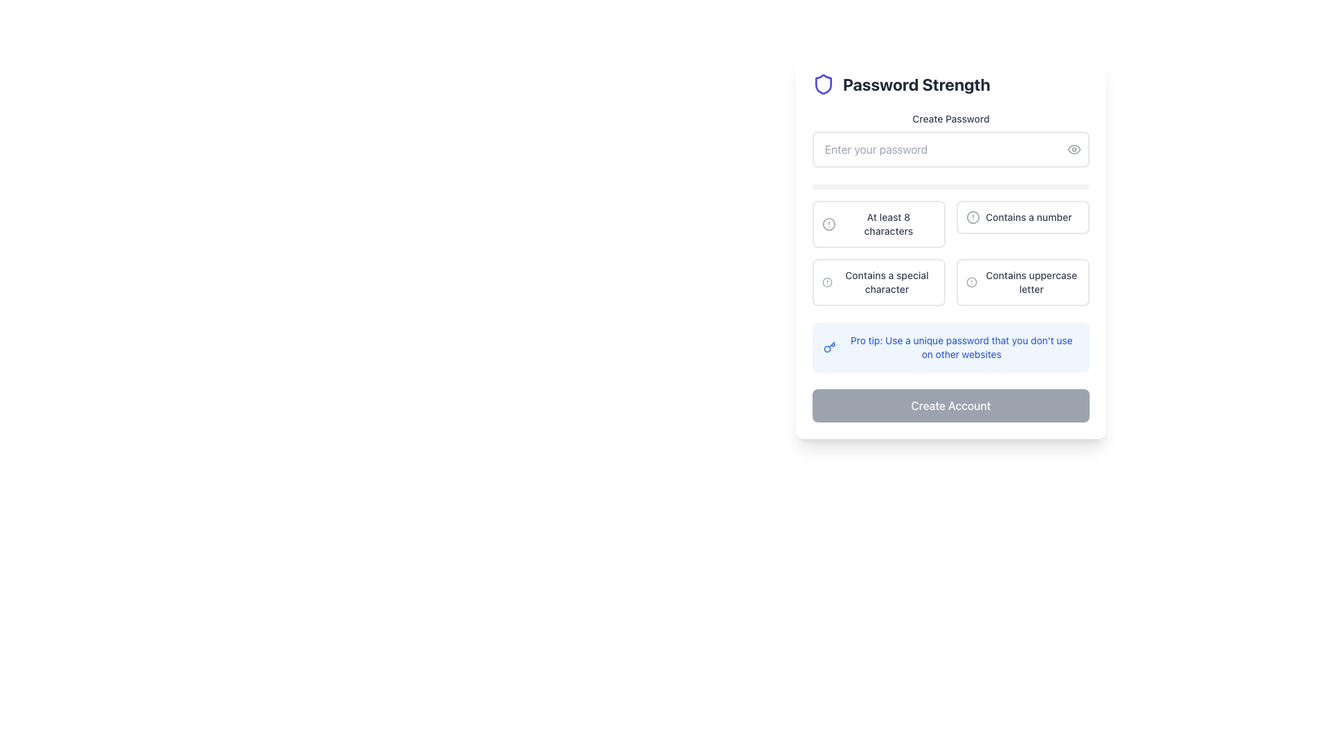 This screenshot has width=1330, height=748. I want to click on the 'Password Strength' text label, which is a bold, large gray font positioned near the top of the form, to the right of a shield icon, so click(916, 84).